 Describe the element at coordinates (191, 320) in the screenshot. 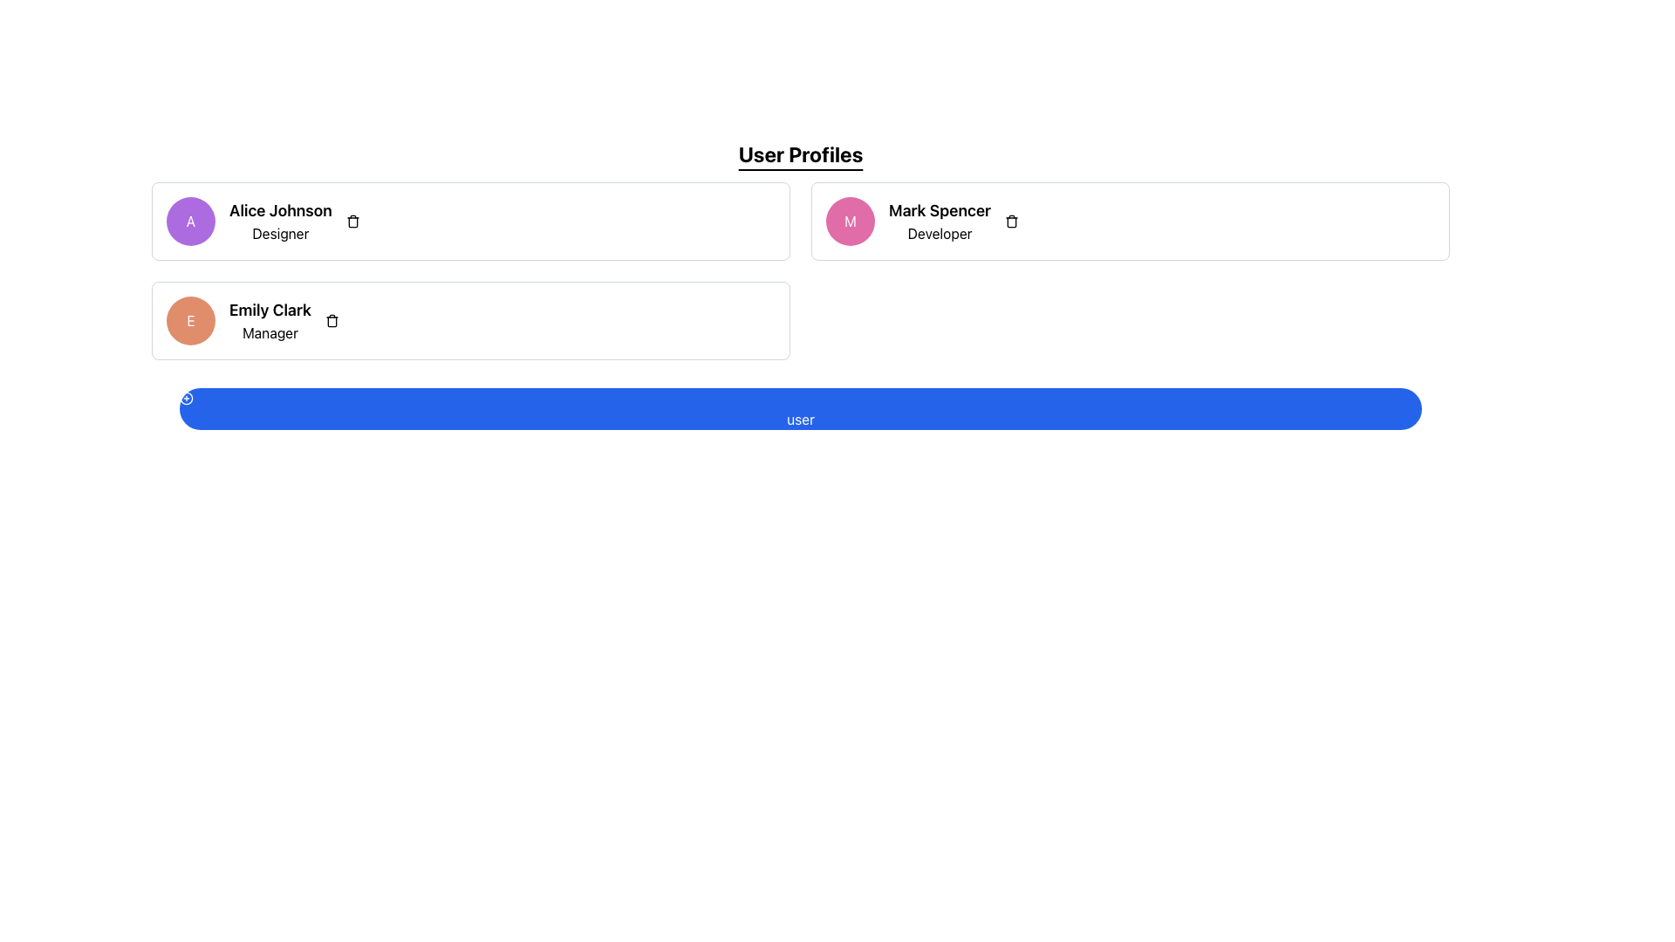

I see `the Avatar circular component displaying the character 'E' with a muted orange background, located to the left of Emily Clark's name and role` at that location.